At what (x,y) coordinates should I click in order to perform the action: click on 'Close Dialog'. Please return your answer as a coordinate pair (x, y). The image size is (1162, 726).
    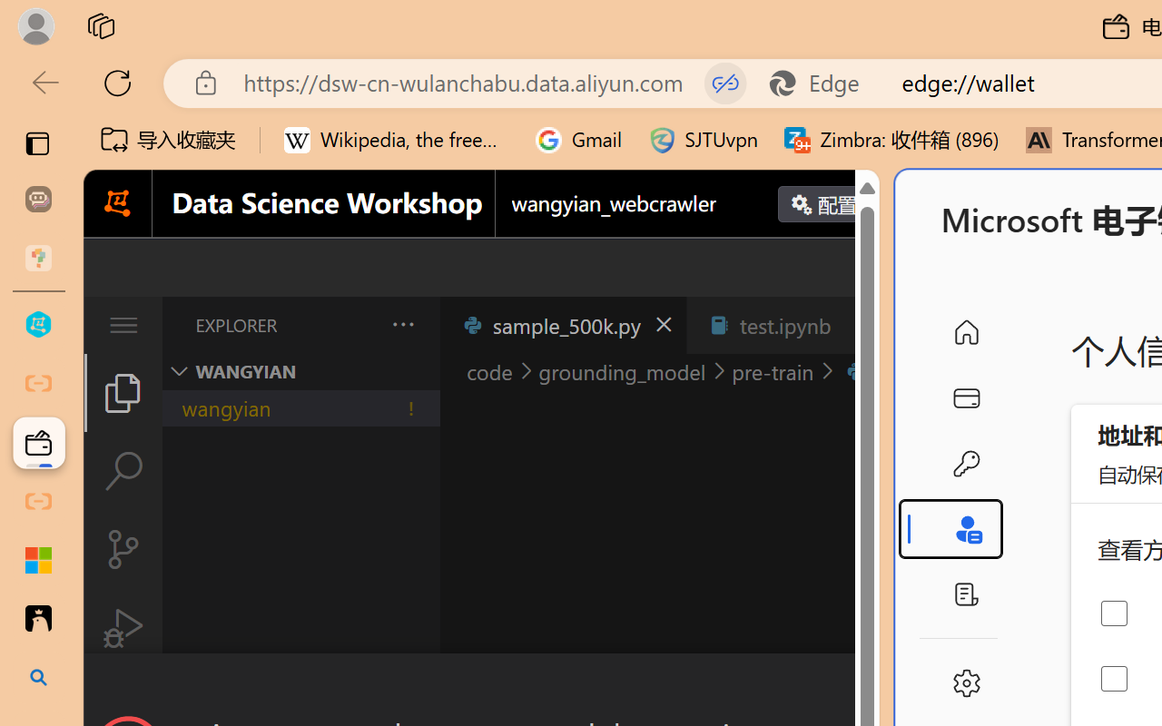
    Looking at the image, I should click on (871, 686).